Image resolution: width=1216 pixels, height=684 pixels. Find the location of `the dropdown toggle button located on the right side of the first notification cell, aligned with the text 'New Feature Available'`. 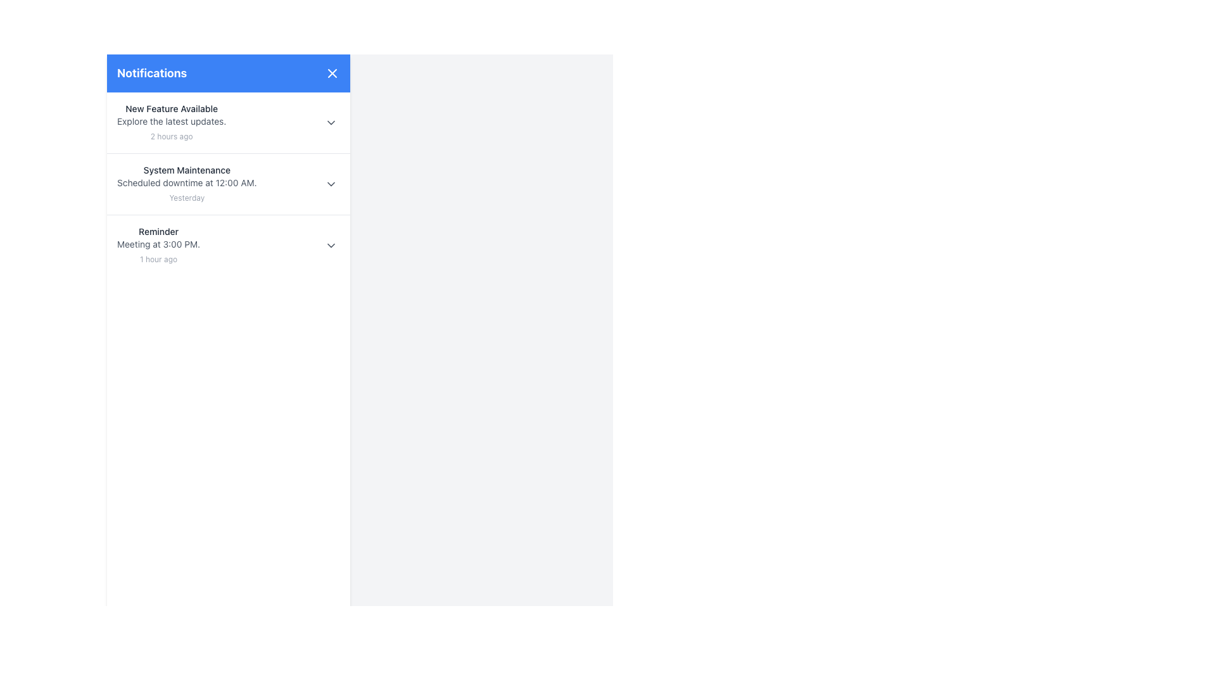

the dropdown toggle button located on the right side of the first notification cell, aligned with the text 'New Feature Available' is located at coordinates (331, 122).